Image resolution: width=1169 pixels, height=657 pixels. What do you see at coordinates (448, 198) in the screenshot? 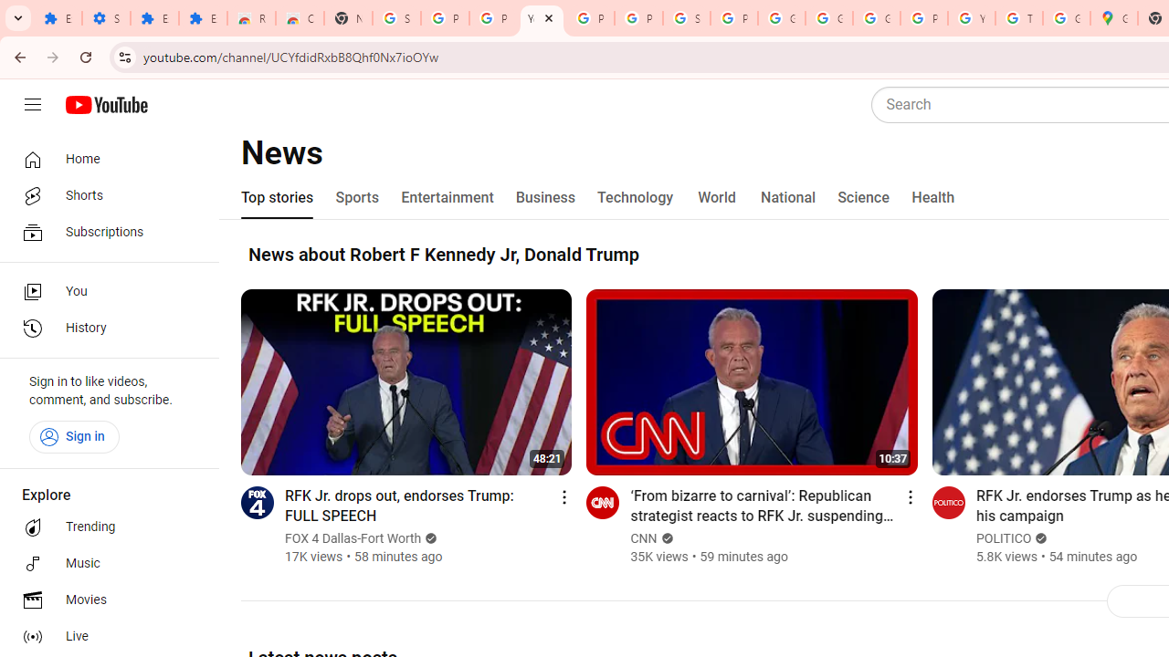
I see `'Entertainment'` at bounding box center [448, 198].